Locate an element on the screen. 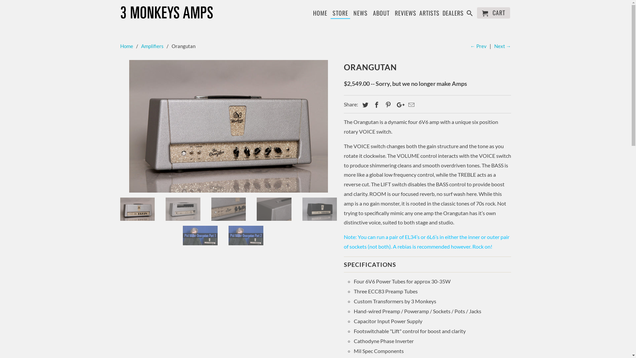 The image size is (636, 358). 'Share this on Twitter' is located at coordinates (359, 104).